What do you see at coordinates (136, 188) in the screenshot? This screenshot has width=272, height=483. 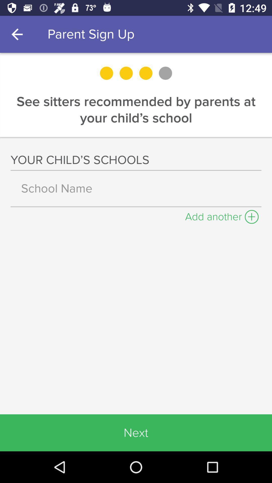 I see `text` at bounding box center [136, 188].